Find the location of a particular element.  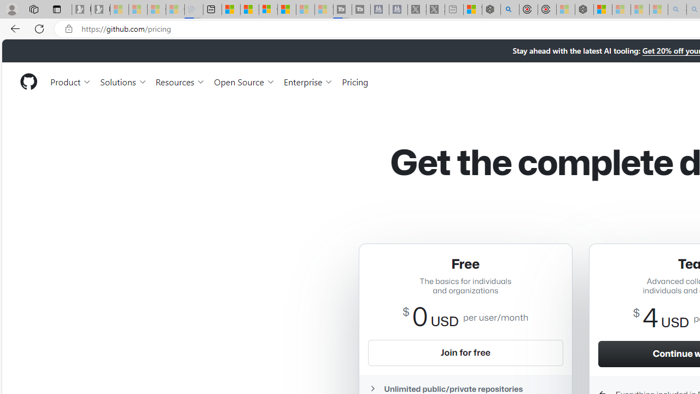

'Newsletter Sign Up - Sleeping' is located at coordinates (100, 9).